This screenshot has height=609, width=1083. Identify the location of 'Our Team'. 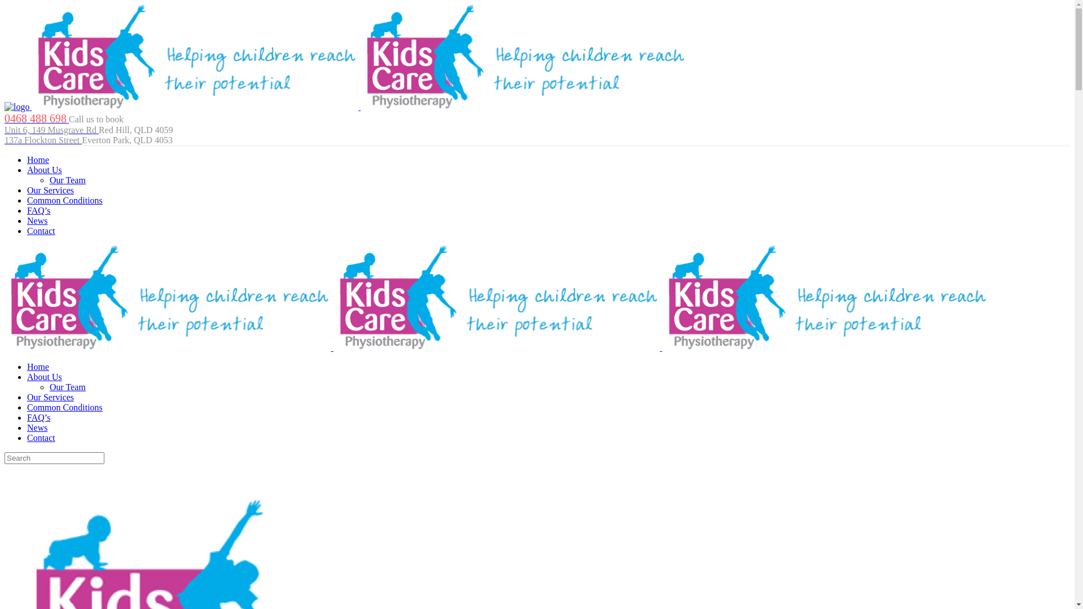
(67, 386).